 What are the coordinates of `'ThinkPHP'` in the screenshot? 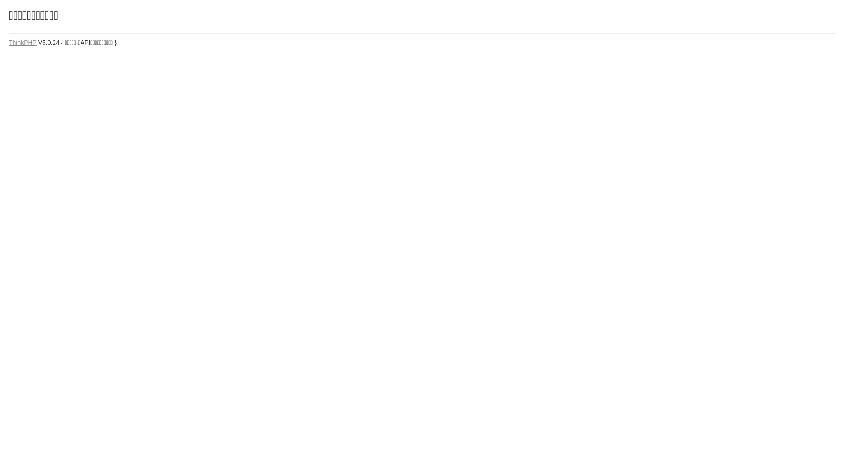 It's located at (22, 42).